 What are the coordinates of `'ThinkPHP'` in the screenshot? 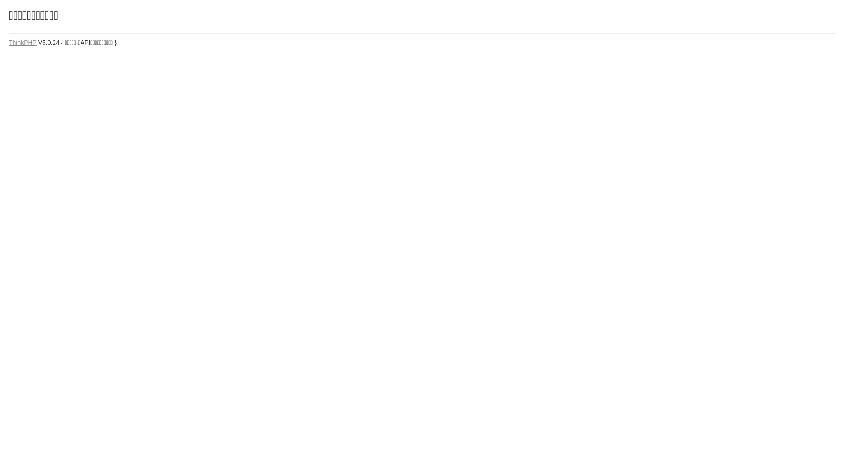 It's located at (22, 42).